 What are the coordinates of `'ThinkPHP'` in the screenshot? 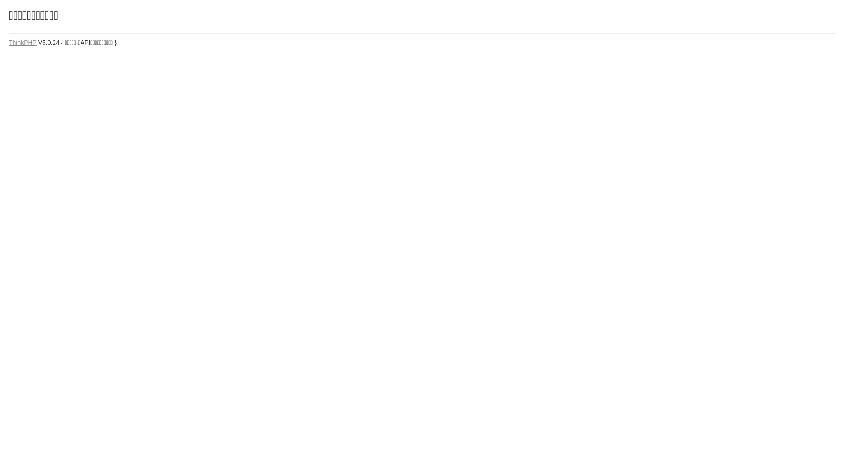 It's located at (22, 42).